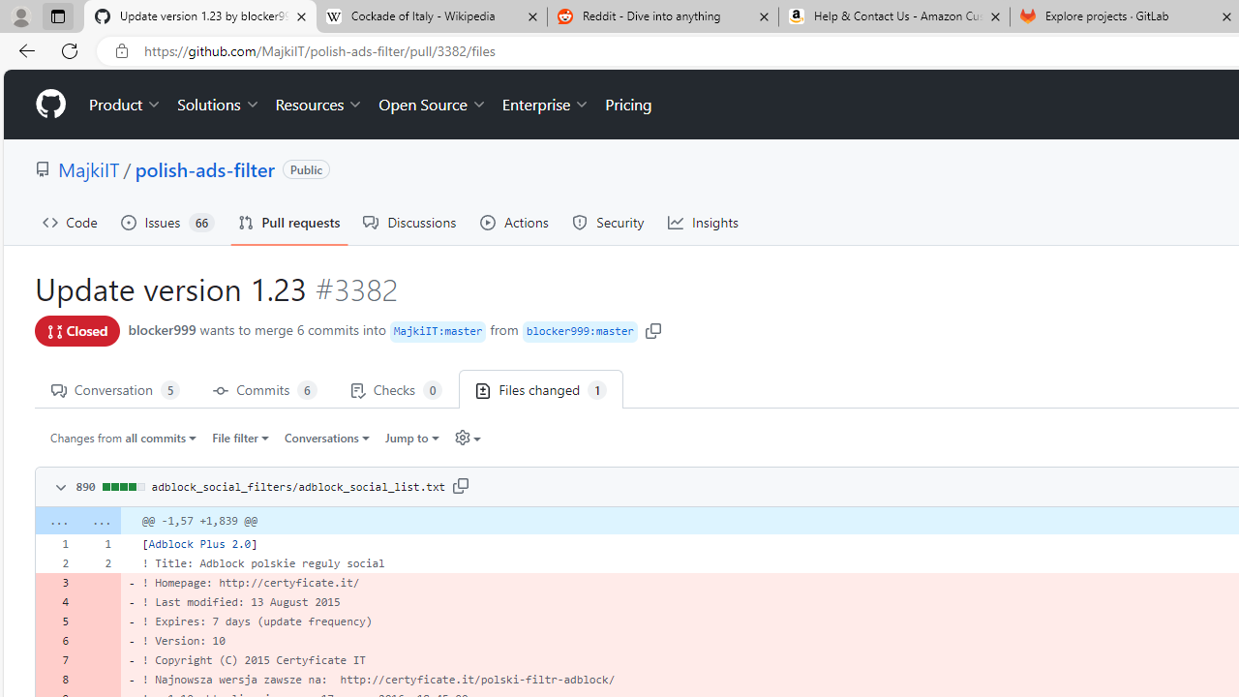 The width and height of the screenshot is (1239, 697). Describe the element at coordinates (123, 437) in the screenshot. I see `'Changes from all commits'` at that location.